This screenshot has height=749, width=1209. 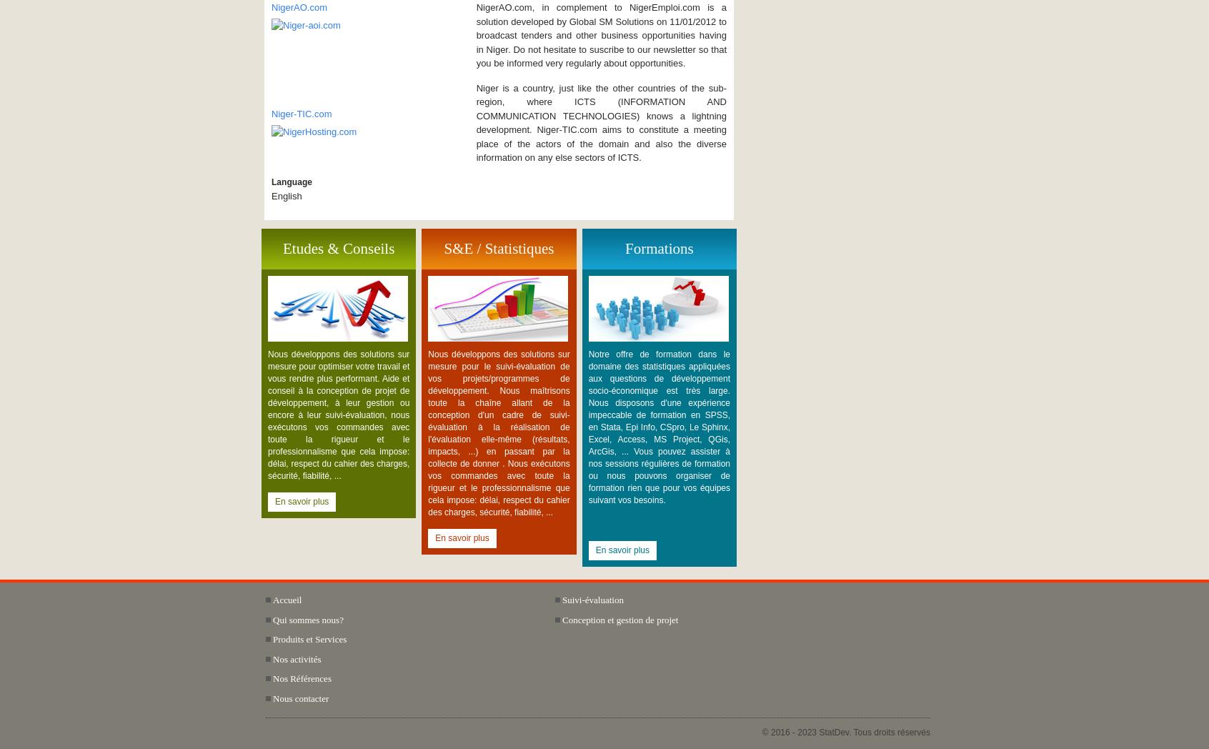 What do you see at coordinates (301, 114) in the screenshot?
I see `'Niger-TIC.com'` at bounding box center [301, 114].